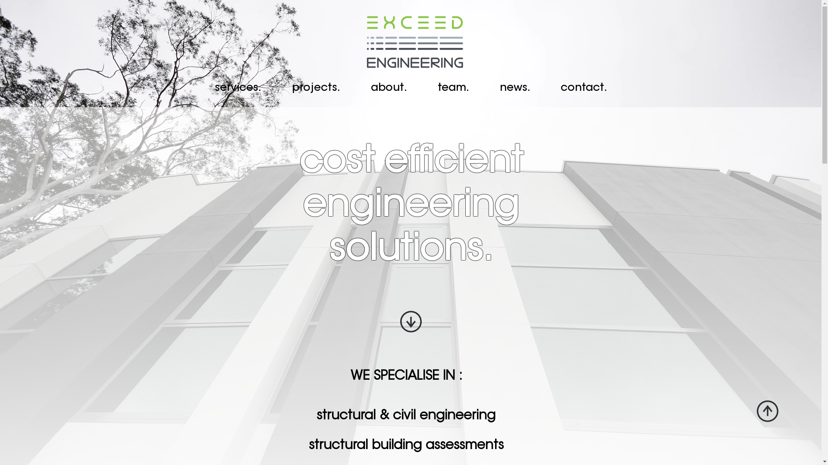 The image size is (828, 465). What do you see at coordinates (277, 88) in the screenshot?
I see `'projects.'` at bounding box center [277, 88].